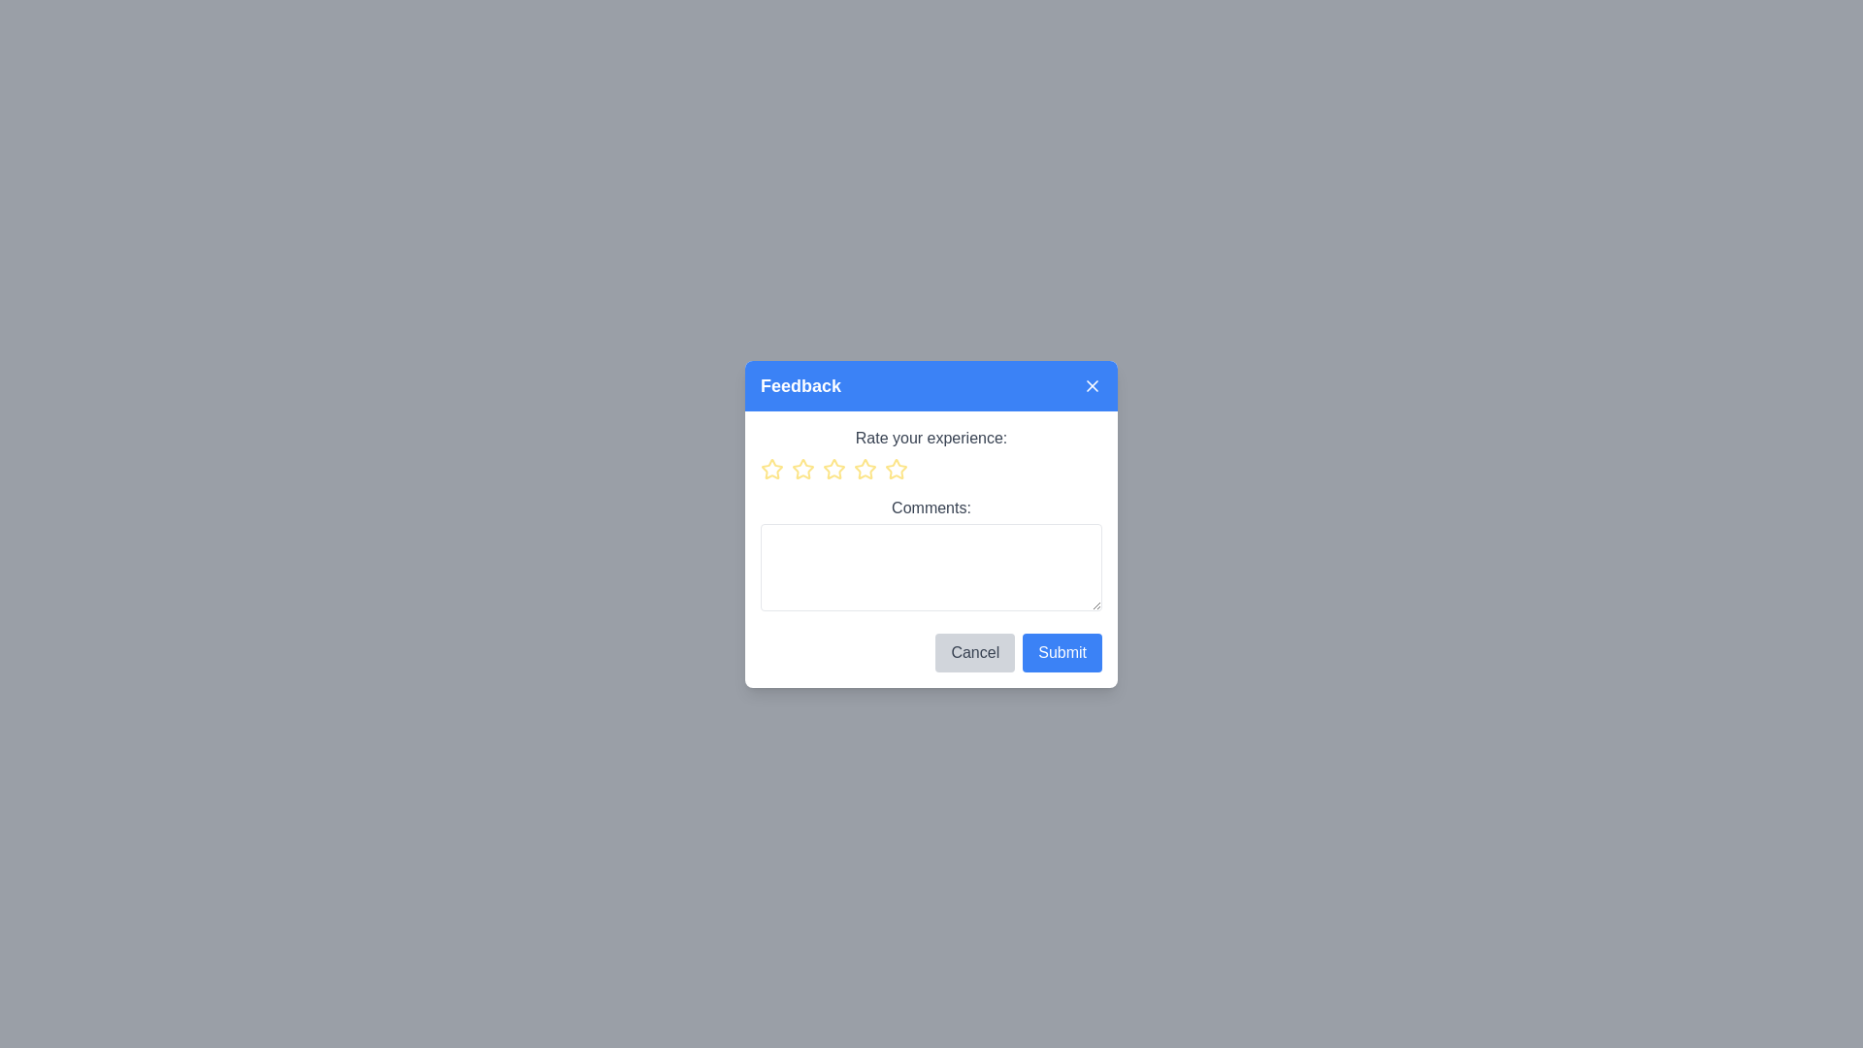 The width and height of the screenshot is (1863, 1048). What do you see at coordinates (771, 469) in the screenshot?
I see `the first star rating button in the feedback dialog box` at bounding box center [771, 469].